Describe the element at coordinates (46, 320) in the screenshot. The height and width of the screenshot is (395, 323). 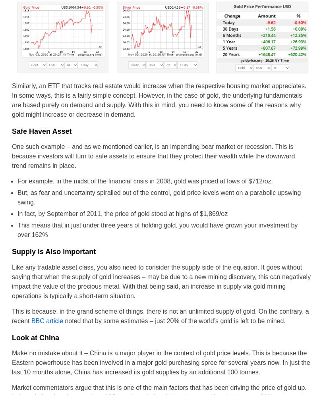
I see `'BBC article'` at that location.